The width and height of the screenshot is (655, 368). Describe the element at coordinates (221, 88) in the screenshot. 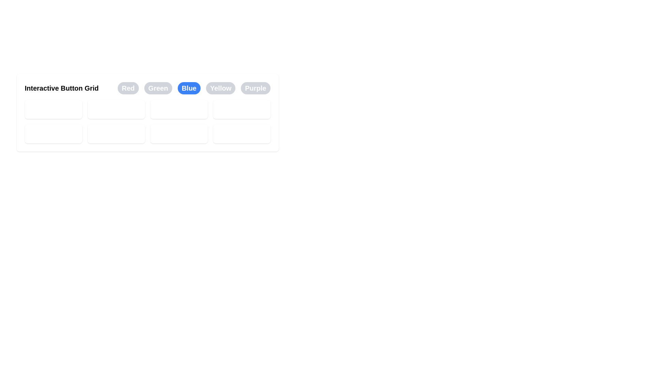

I see `the capsule-shaped button labeled 'Yellow'` at that location.